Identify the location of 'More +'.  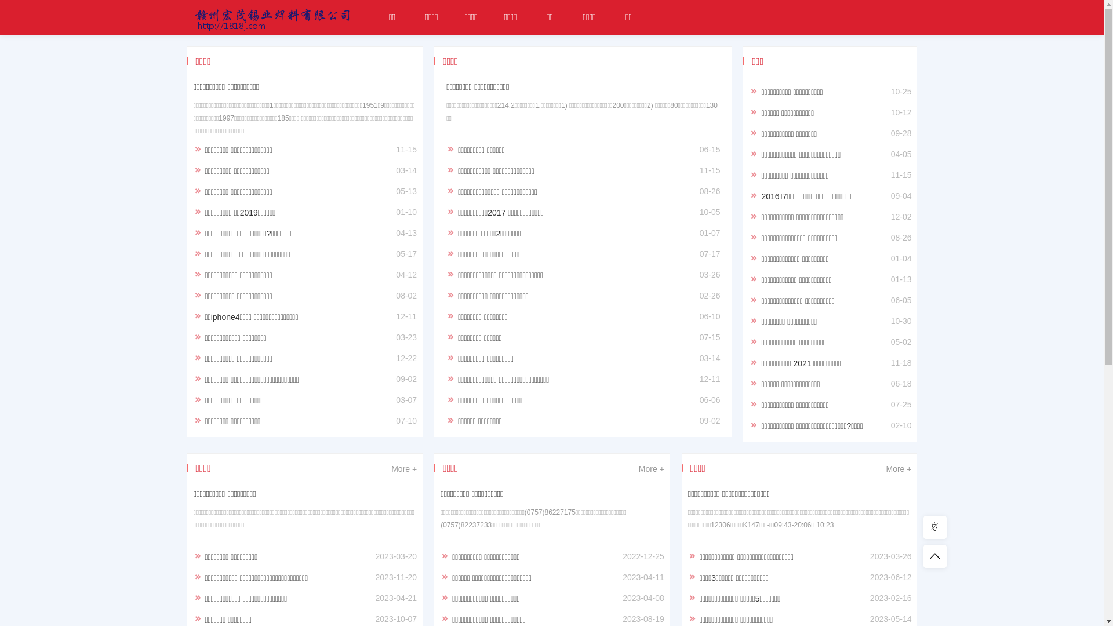
(885, 468).